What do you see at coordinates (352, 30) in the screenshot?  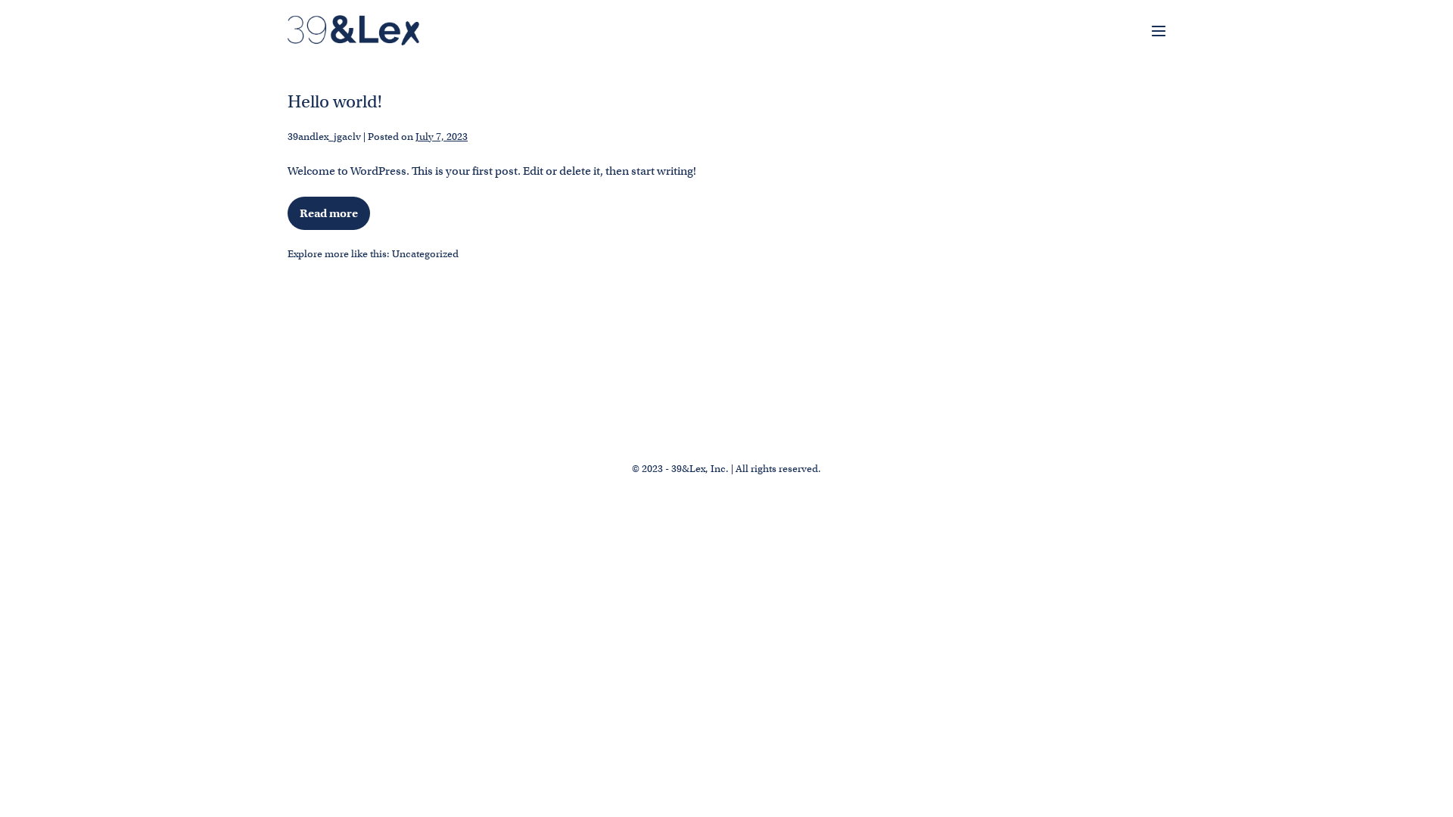 I see `'39&Lex'` at bounding box center [352, 30].